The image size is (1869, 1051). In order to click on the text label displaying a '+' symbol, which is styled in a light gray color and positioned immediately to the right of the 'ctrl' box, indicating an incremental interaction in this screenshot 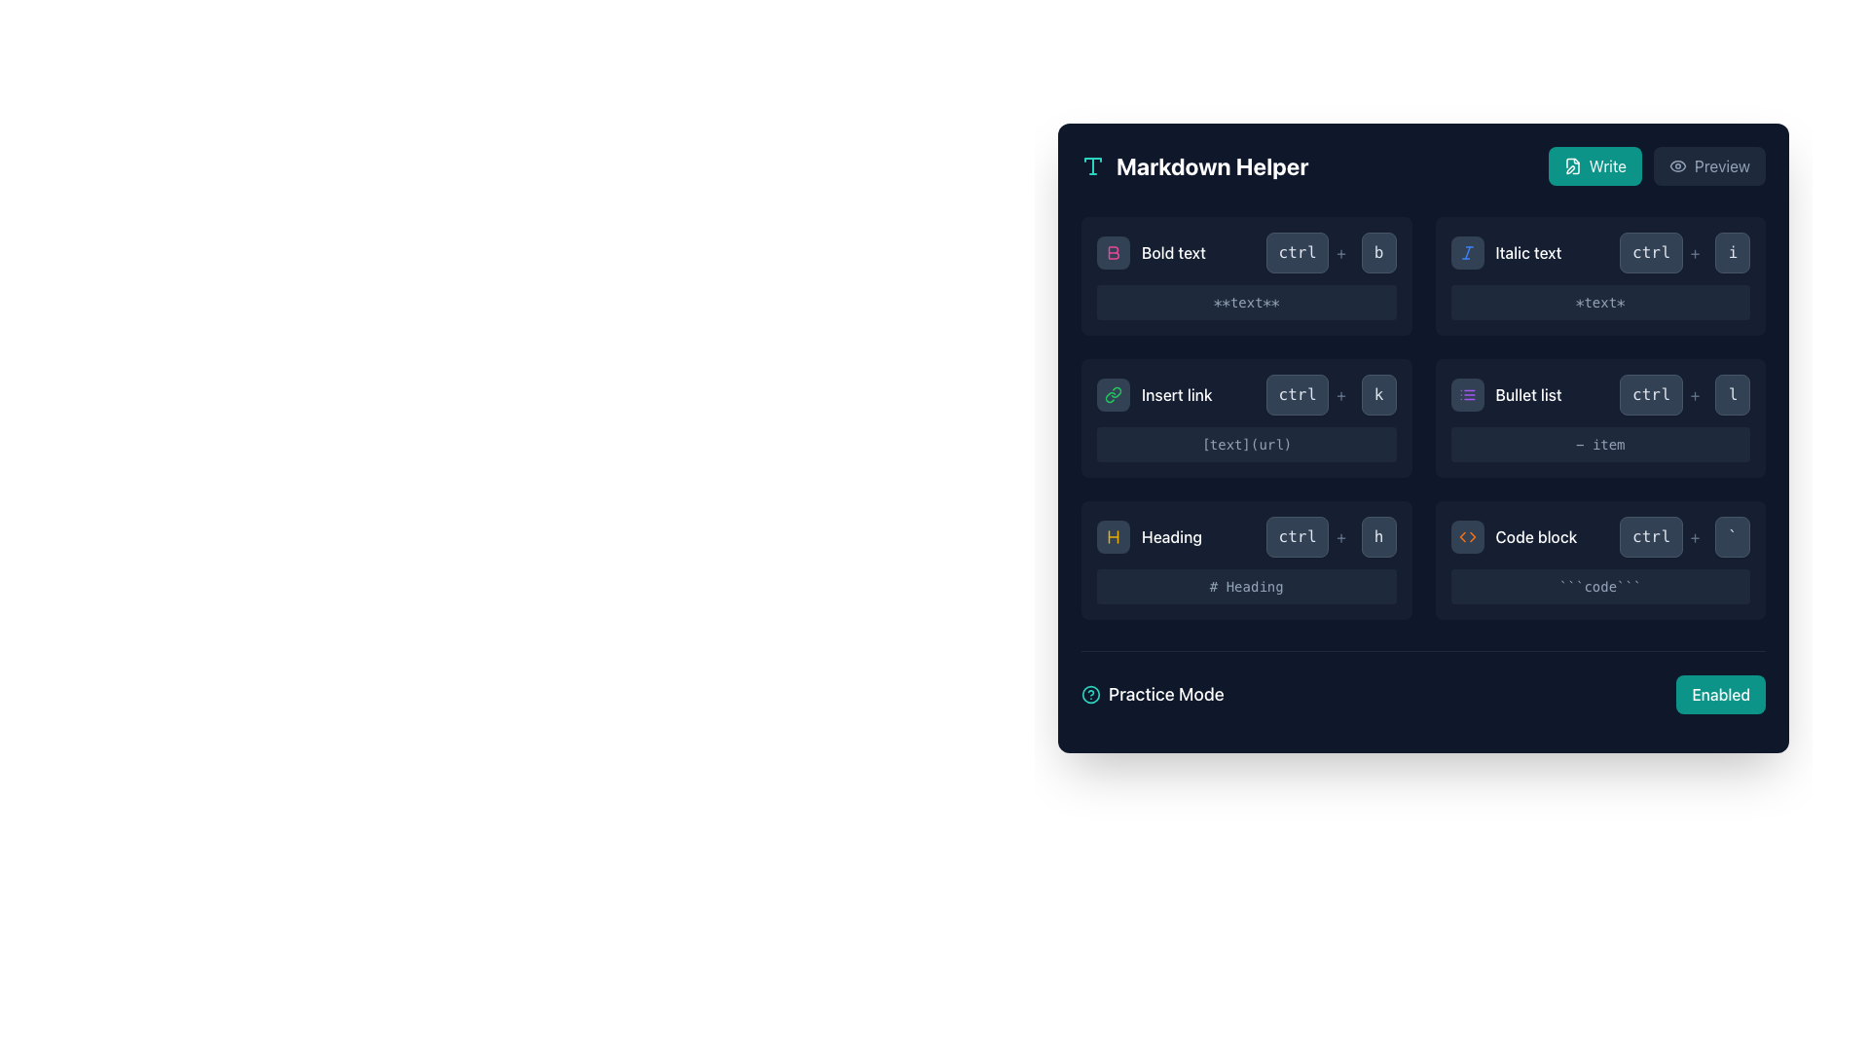, I will do `click(1694, 536)`.